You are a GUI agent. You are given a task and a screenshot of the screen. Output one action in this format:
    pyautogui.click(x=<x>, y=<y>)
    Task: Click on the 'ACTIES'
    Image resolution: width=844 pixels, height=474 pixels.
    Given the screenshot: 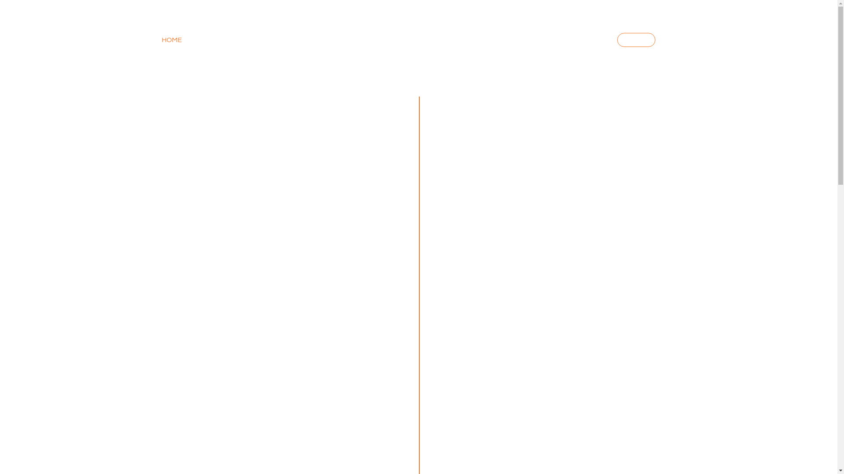 What is the action you would take?
    pyautogui.click(x=616, y=40)
    